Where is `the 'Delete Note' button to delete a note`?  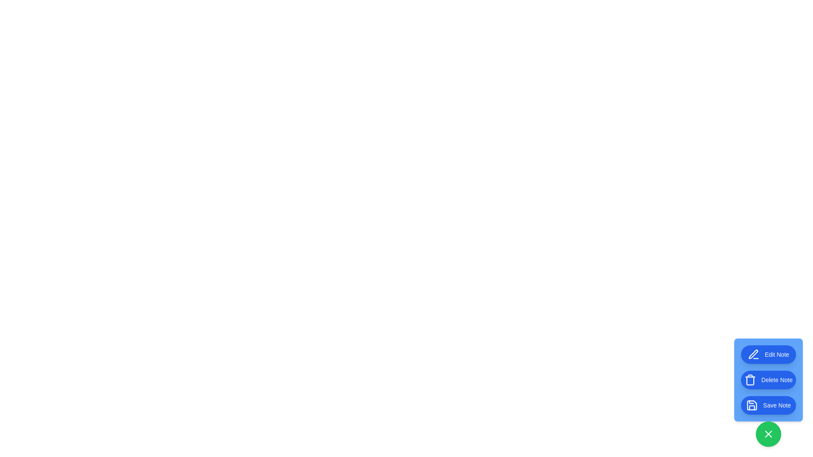
the 'Delete Note' button to delete a note is located at coordinates (768, 380).